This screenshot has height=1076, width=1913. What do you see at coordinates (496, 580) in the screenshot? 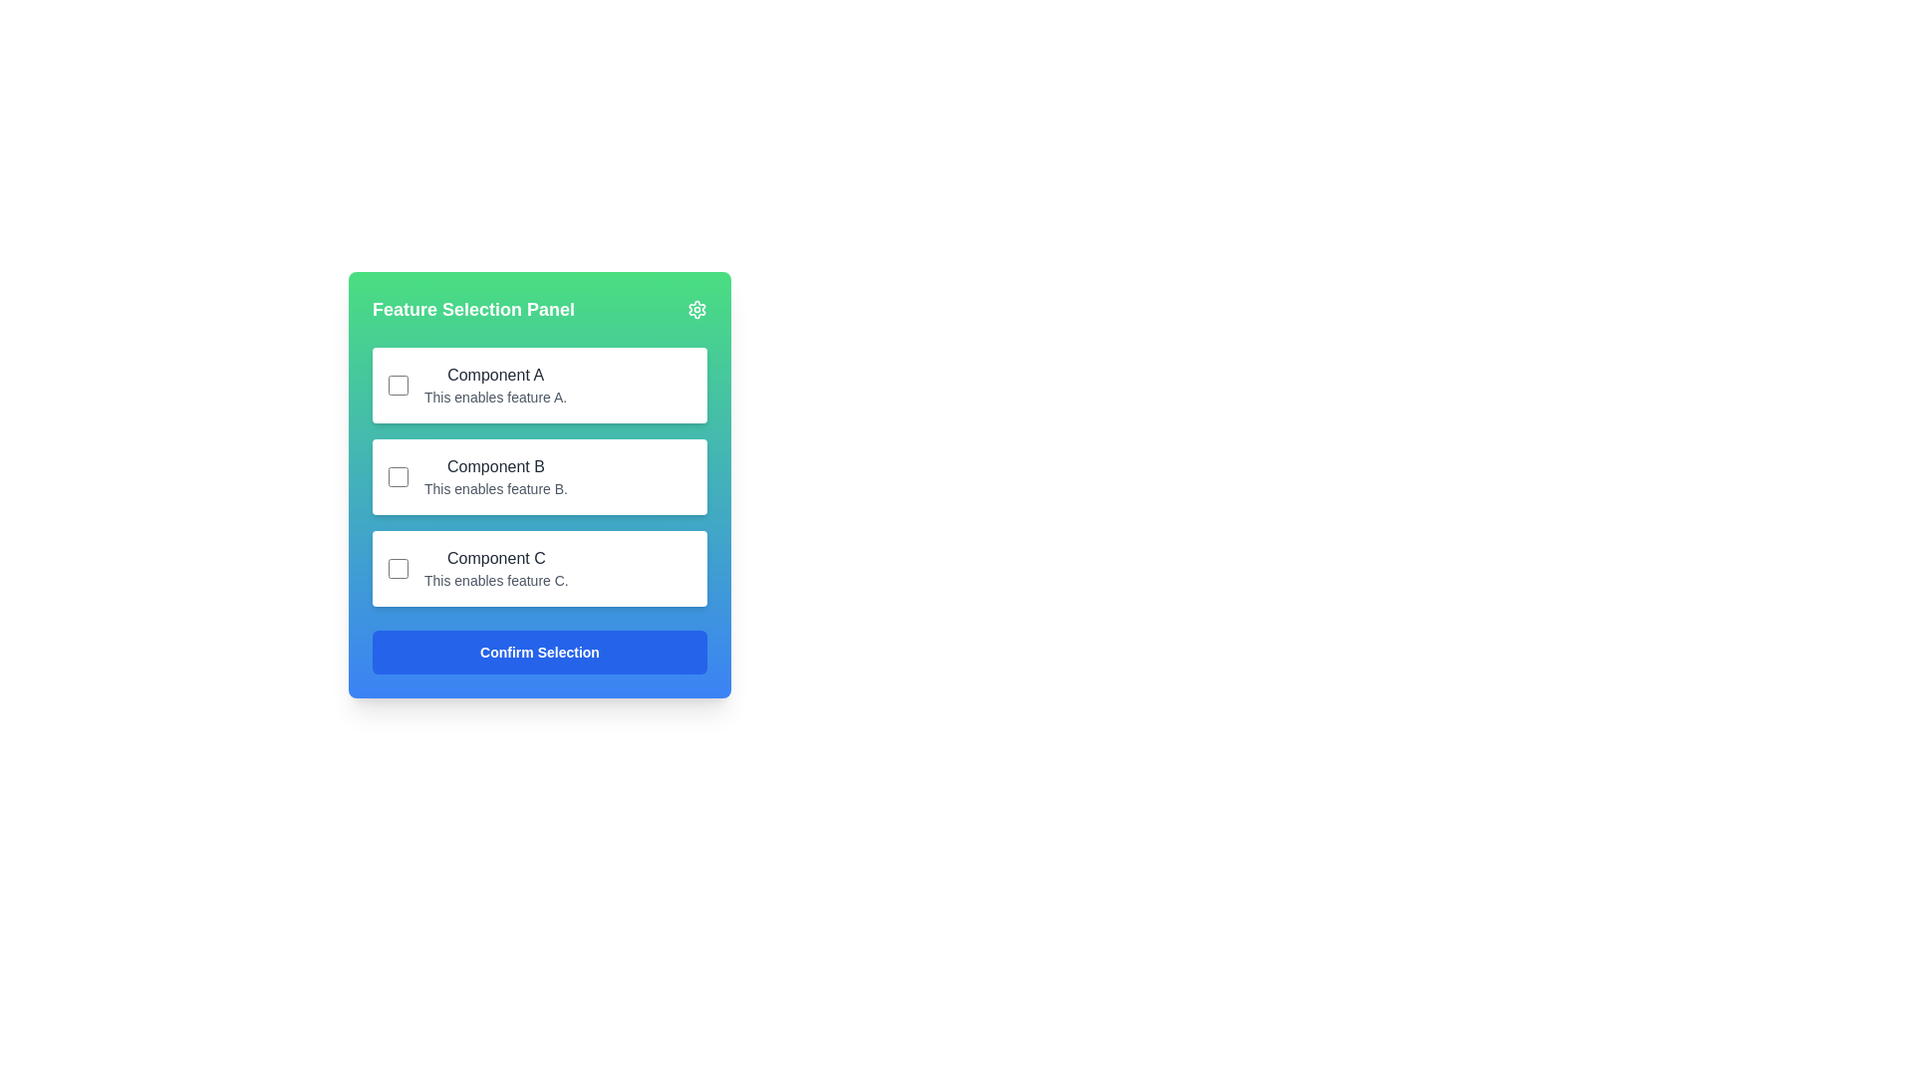
I see `the text label stating 'This enables feature C.' which is located below 'Component C' in the feature selection panel` at bounding box center [496, 580].